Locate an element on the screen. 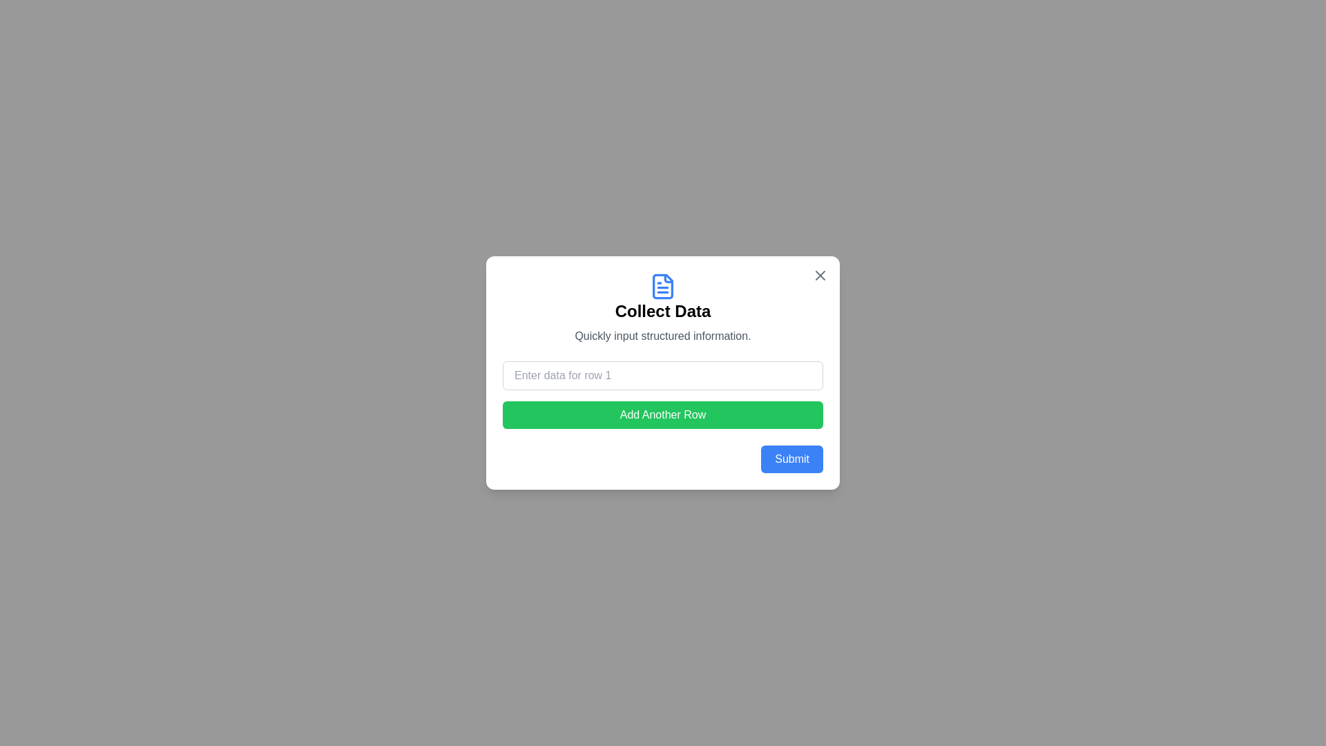 The image size is (1326, 746). the 'Submit' button to finalize the data submission is located at coordinates (792, 459).